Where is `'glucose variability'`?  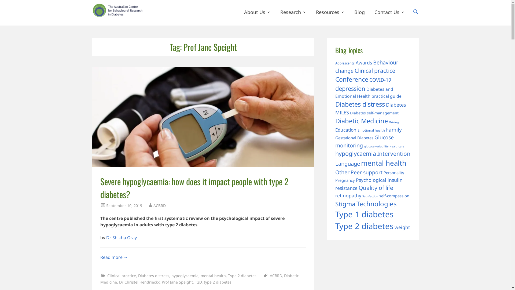
'glucose variability' is located at coordinates (376, 146).